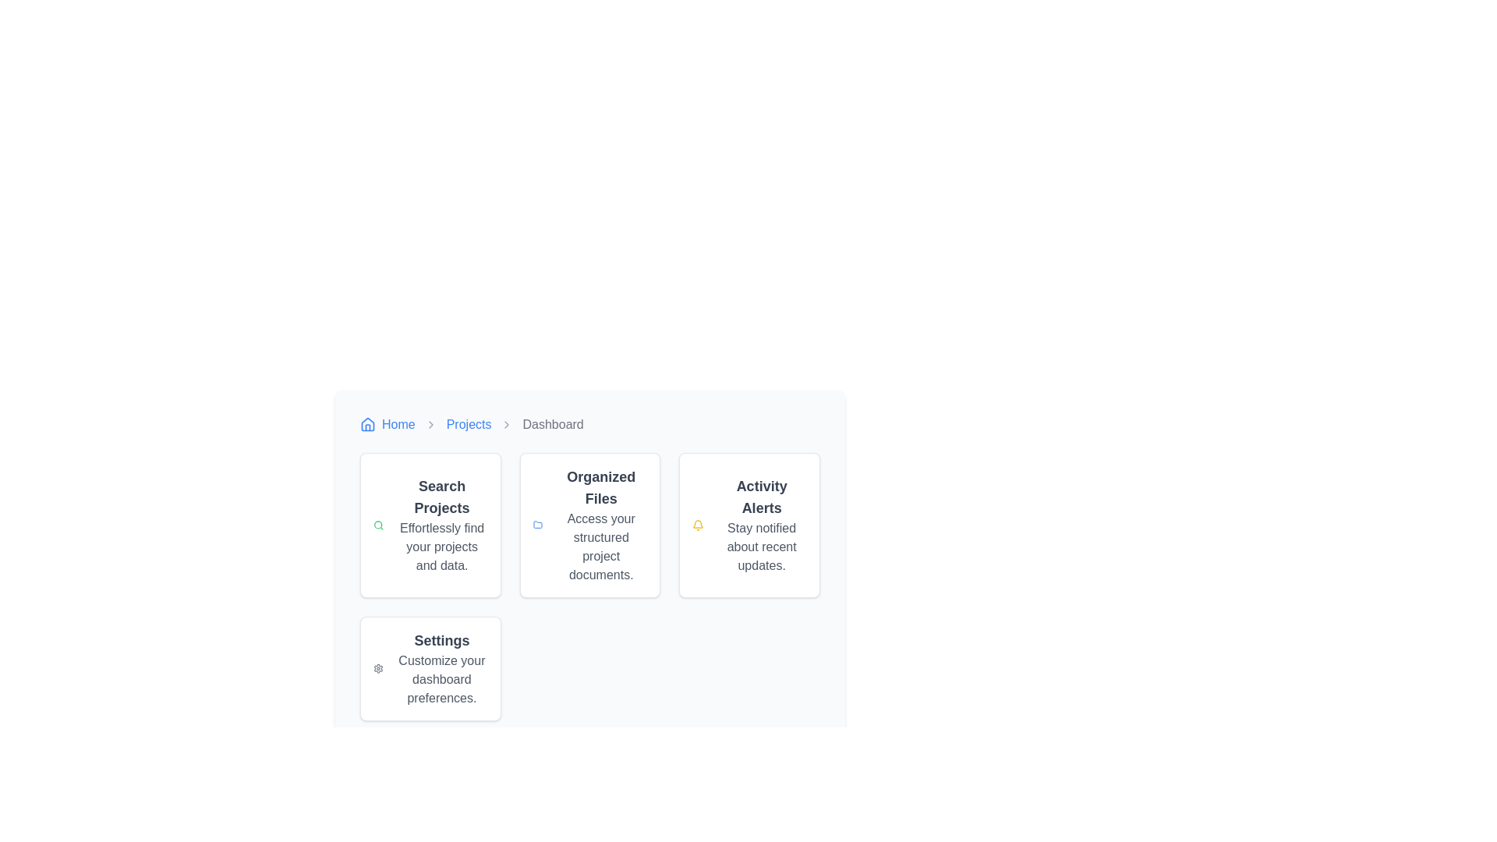  I want to click on the 'Search Projects' text block, which features a bold header and a subtitle, so click(441, 525).